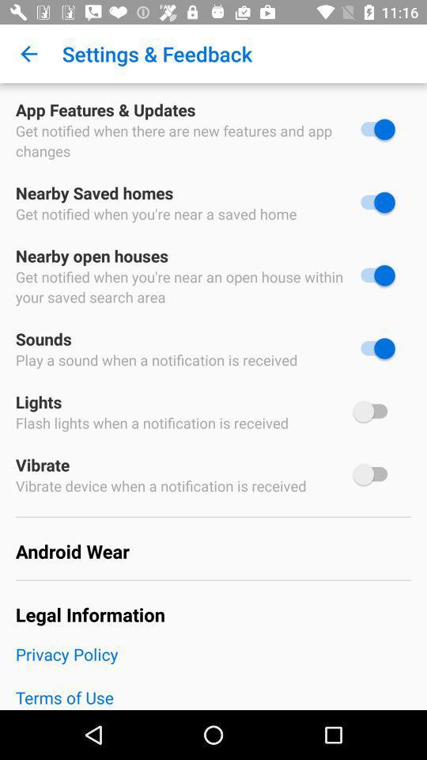 The image size is (427, 760). I want to click on app to the left of the settings & feedback icon, so click(28, 54).